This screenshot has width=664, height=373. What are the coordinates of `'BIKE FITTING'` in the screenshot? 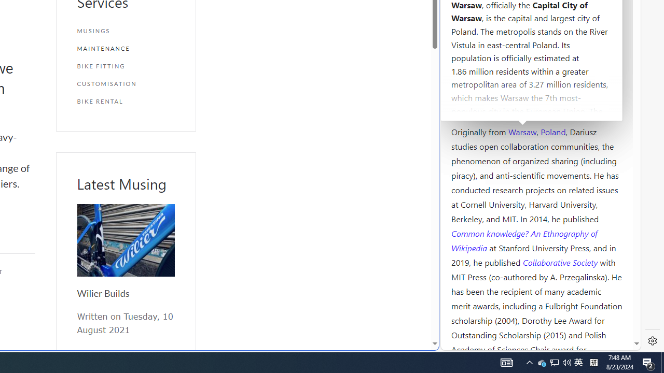 It's located at (125, 66).